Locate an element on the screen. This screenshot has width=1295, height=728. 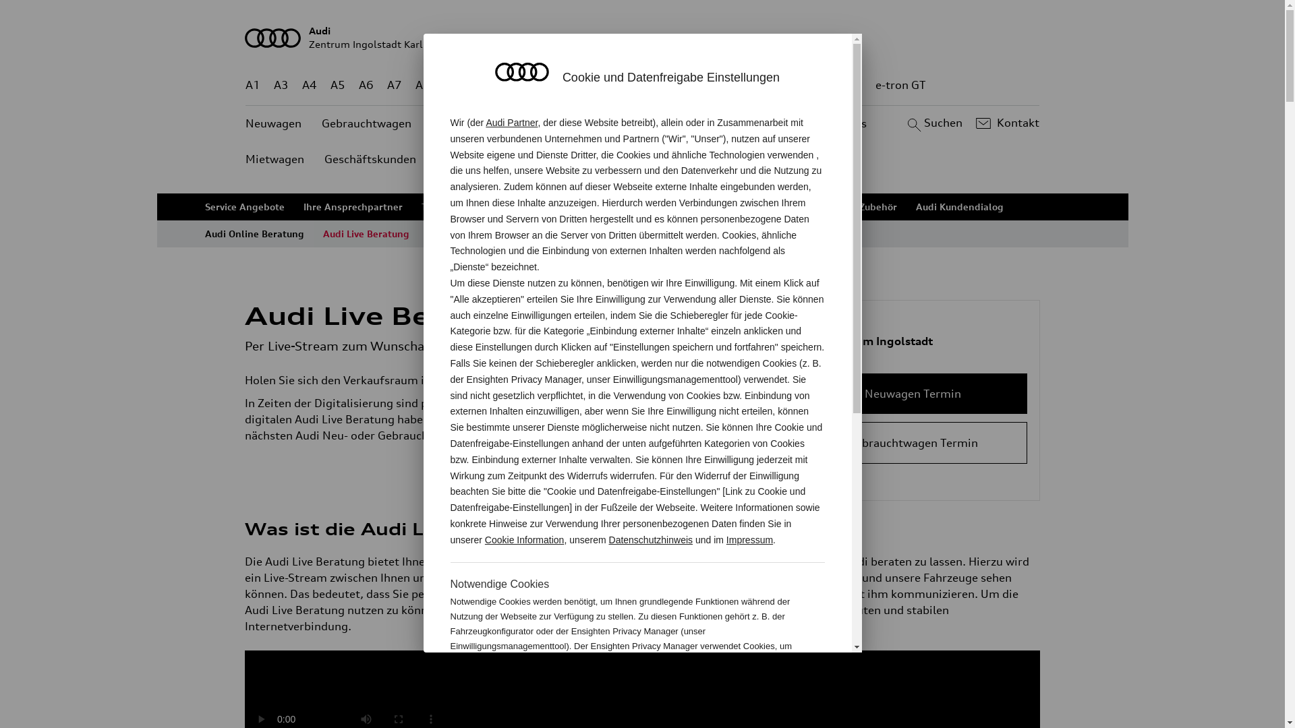
'A1' is located at coordinates (246, 85).